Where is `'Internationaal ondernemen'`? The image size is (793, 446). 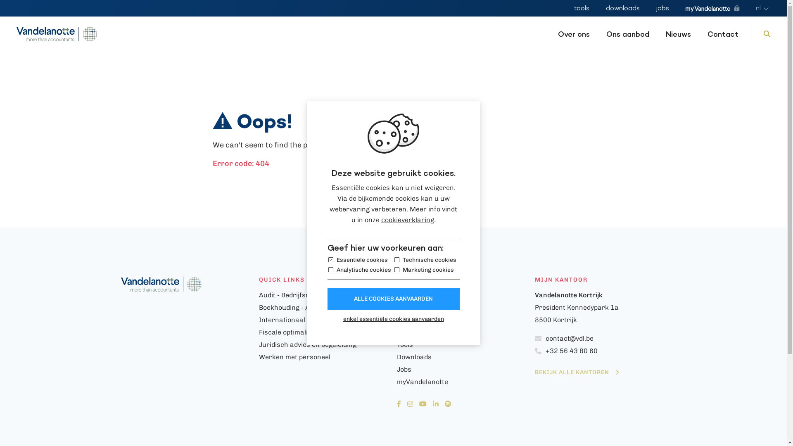 'Internationaal ondernemen' is located at coordinates (302, 319).